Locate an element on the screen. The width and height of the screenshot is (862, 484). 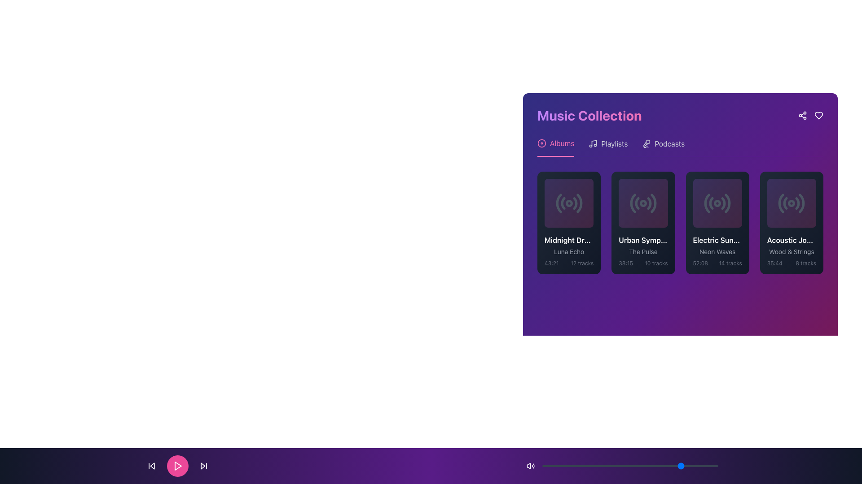
the circular icon resembling a disc located next to the 'Albums' text in the navigation bar of the 'Music Collection' section is located at coordinates (541, 143).